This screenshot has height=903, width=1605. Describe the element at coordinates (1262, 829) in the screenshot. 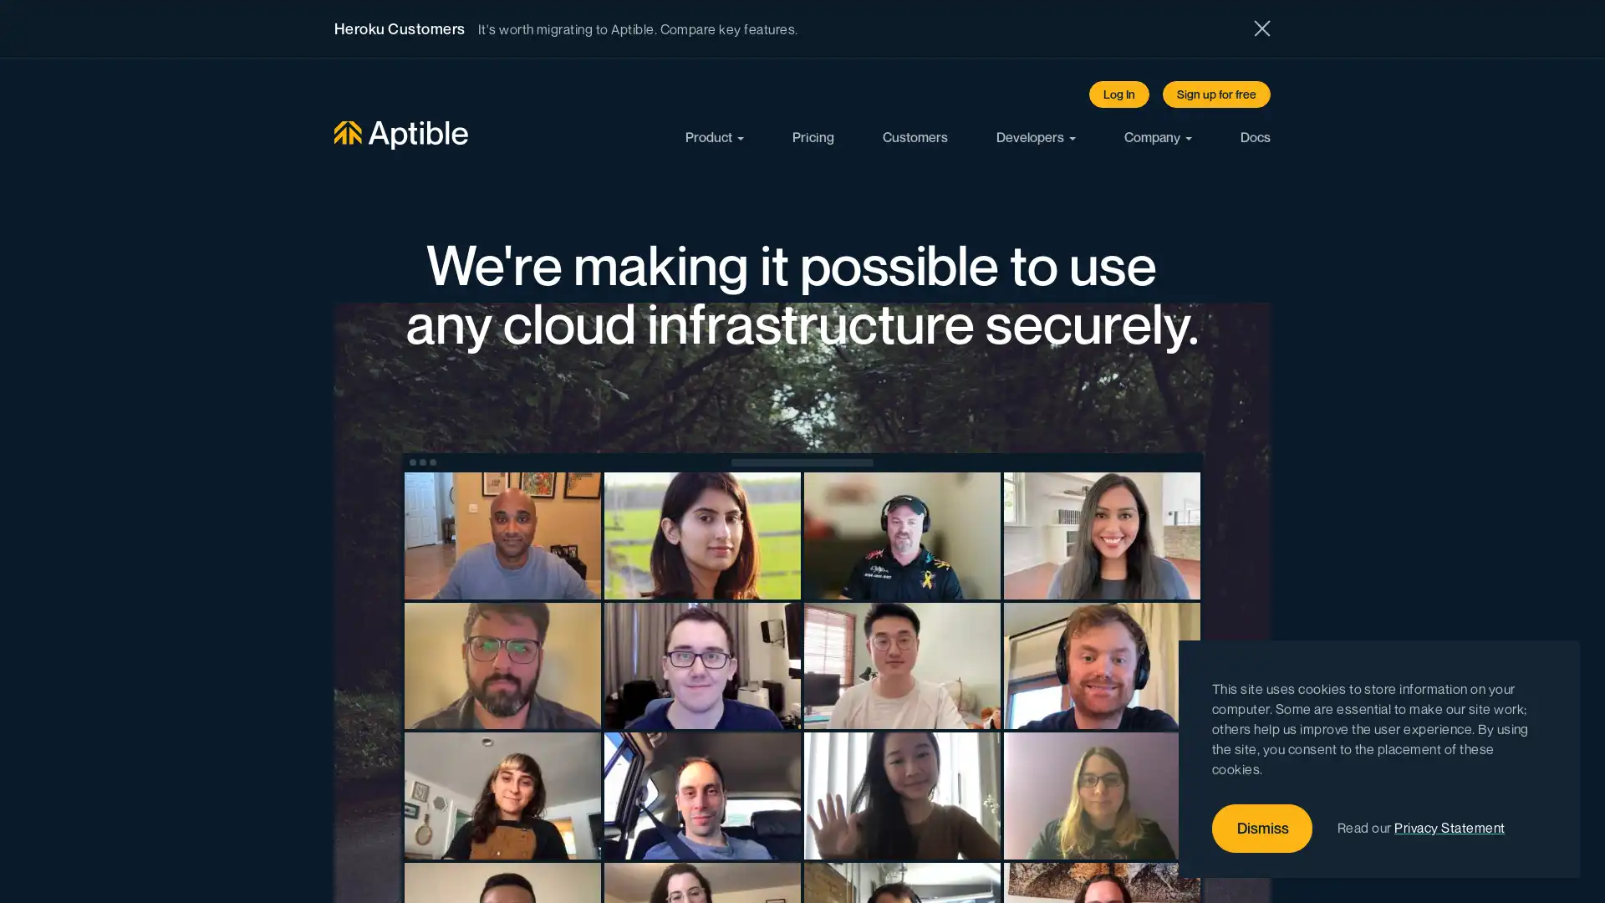

I see `Dismiss` at that location.